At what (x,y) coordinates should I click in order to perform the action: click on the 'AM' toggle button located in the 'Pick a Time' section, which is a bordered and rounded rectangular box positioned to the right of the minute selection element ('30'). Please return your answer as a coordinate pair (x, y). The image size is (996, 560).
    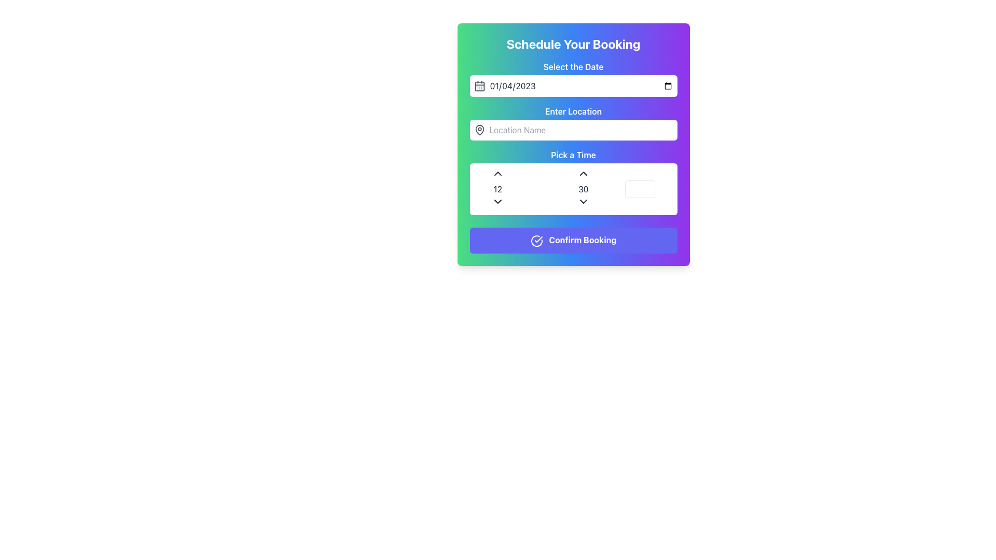
    Looking at the image, I should click on (640, 189).